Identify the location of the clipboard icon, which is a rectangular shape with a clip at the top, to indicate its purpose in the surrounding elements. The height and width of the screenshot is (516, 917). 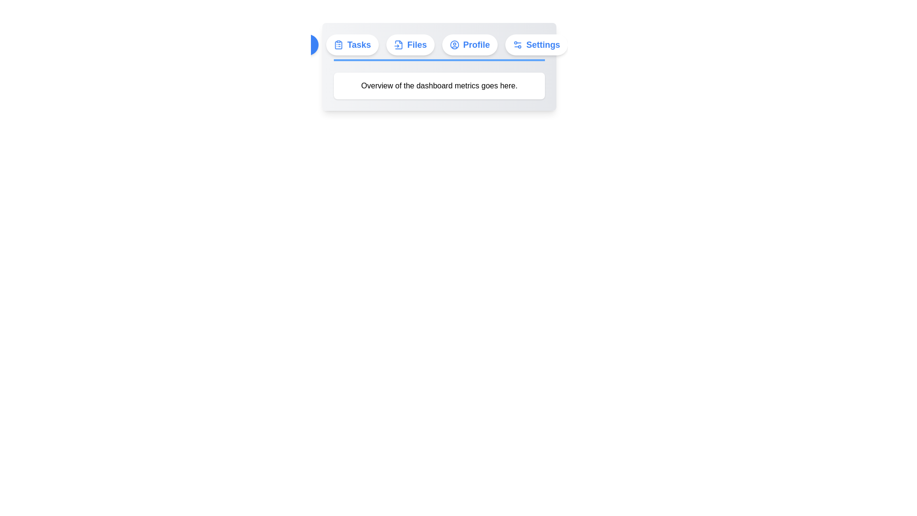
(339, 45).